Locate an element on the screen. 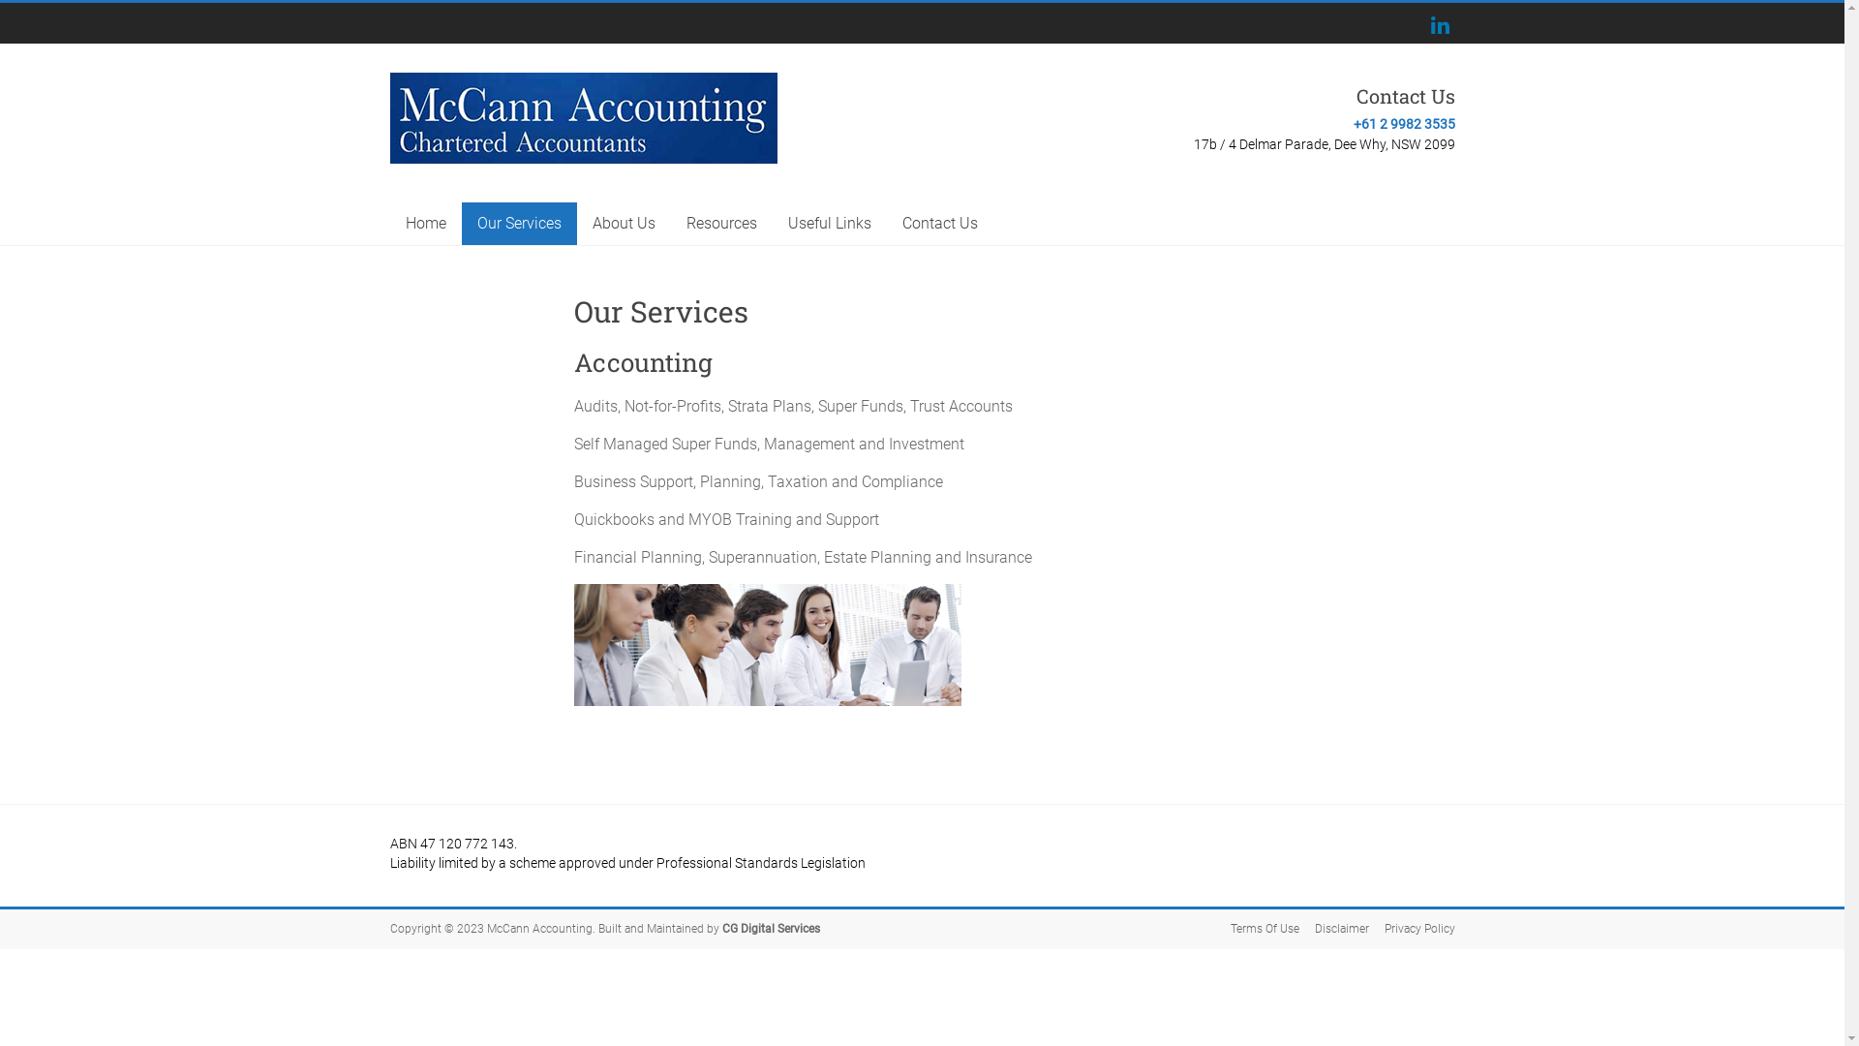  'Our Services' is located at coordinates (518, 223).